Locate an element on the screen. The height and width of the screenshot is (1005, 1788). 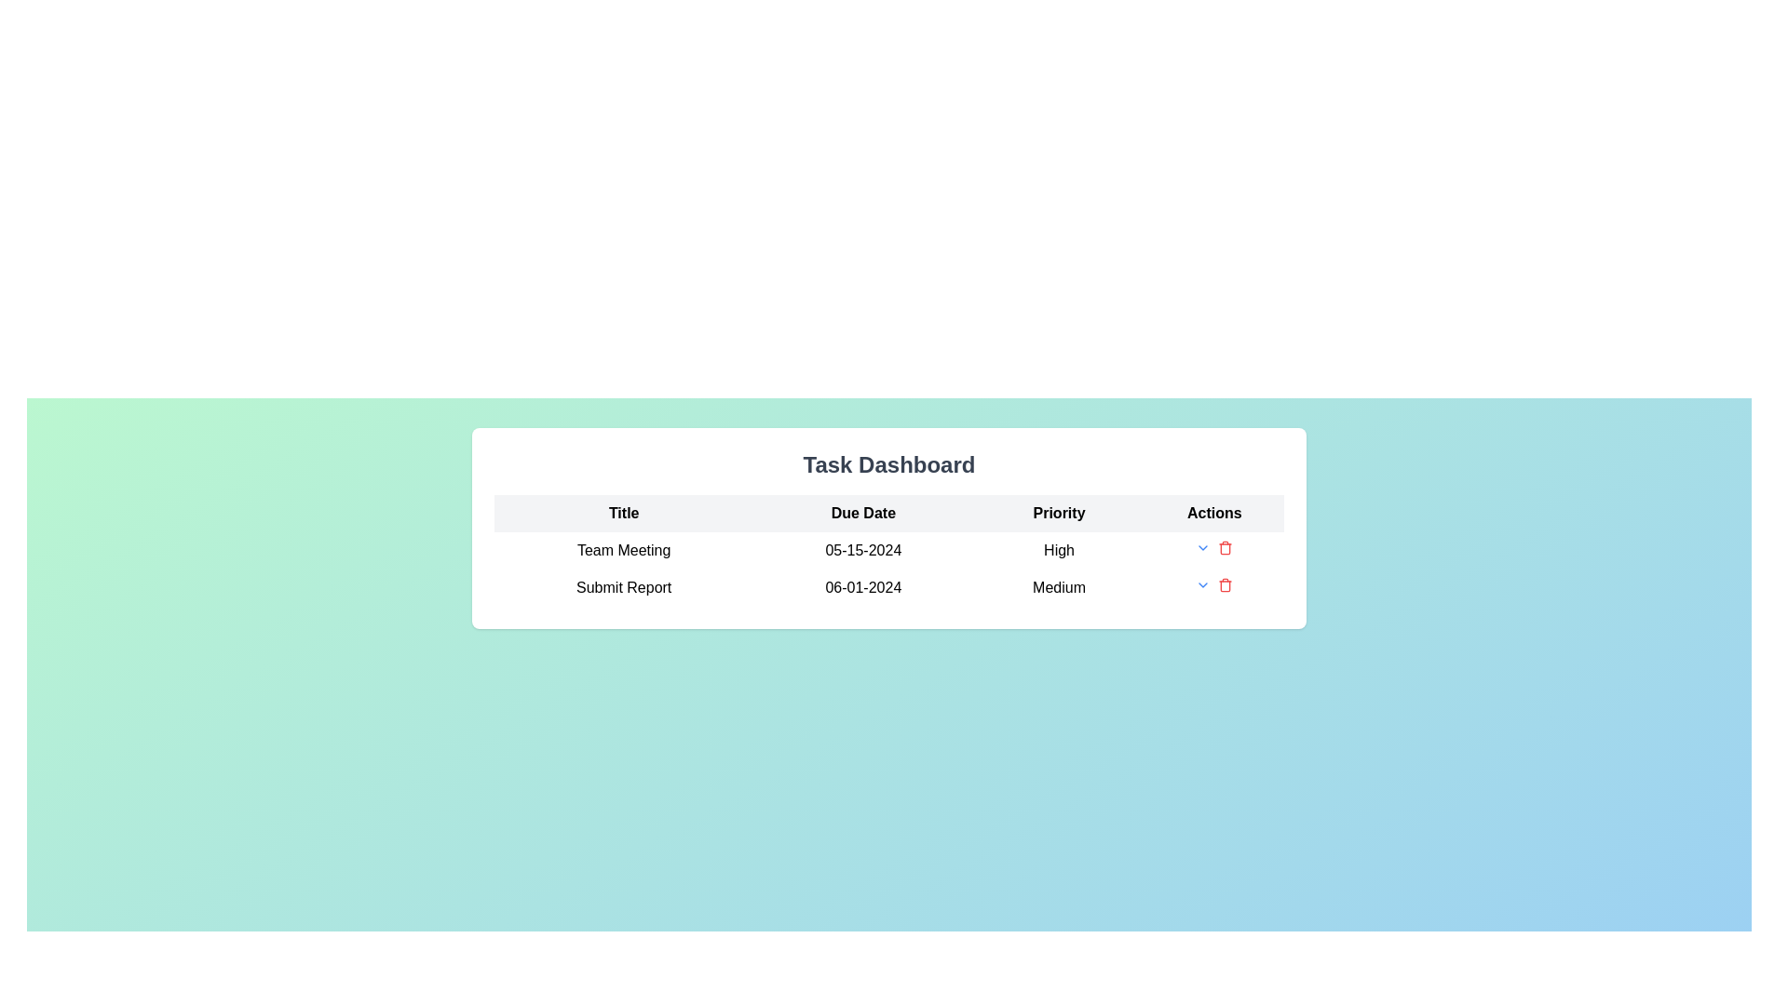
the static text element located in the second row of the table under the 'Title' column, which is the leftmost element in that row is located at coordinates (624, 588).